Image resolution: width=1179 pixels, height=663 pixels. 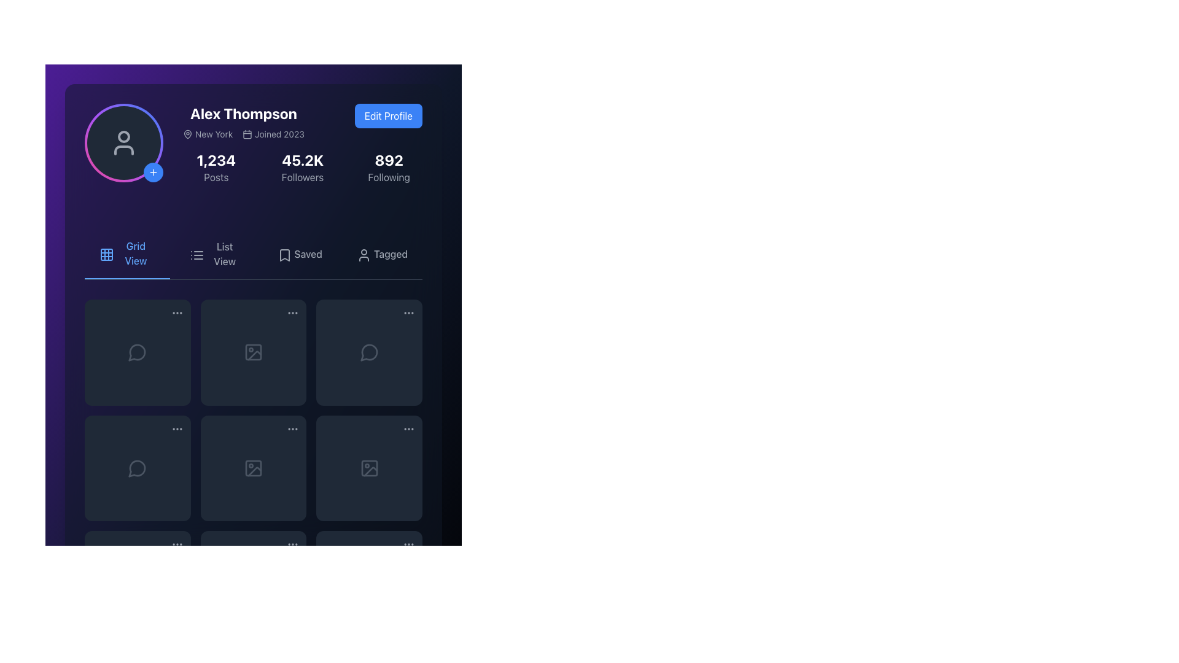 What do you see at coordinates (370, 471) in the screenshot?
I see `the icon that serves as a visual indicator for an unavailable or missing image in the bottom-left corner square of a 3x3 grid layout` at bounding box center [370, 471].